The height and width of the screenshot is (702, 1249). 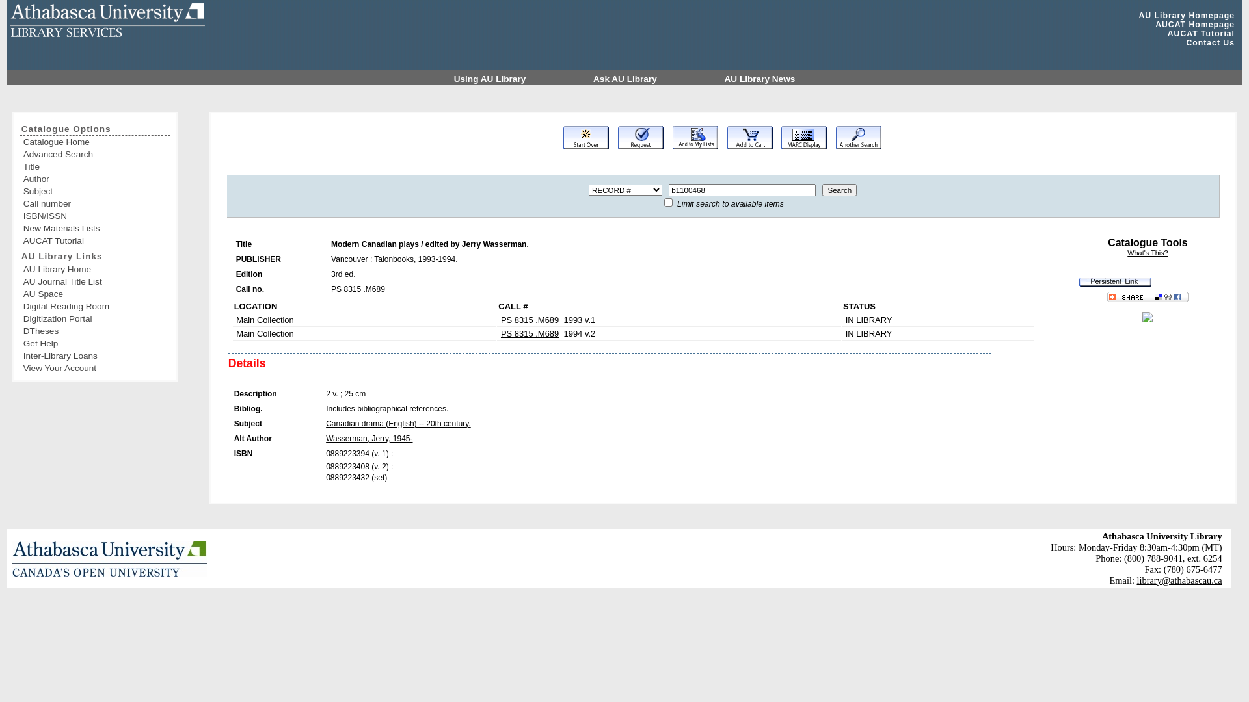 What do you see at coordinates (760, 79) in the screenshot?
I see `'AU Library News'` at bounding box center [760, 79].